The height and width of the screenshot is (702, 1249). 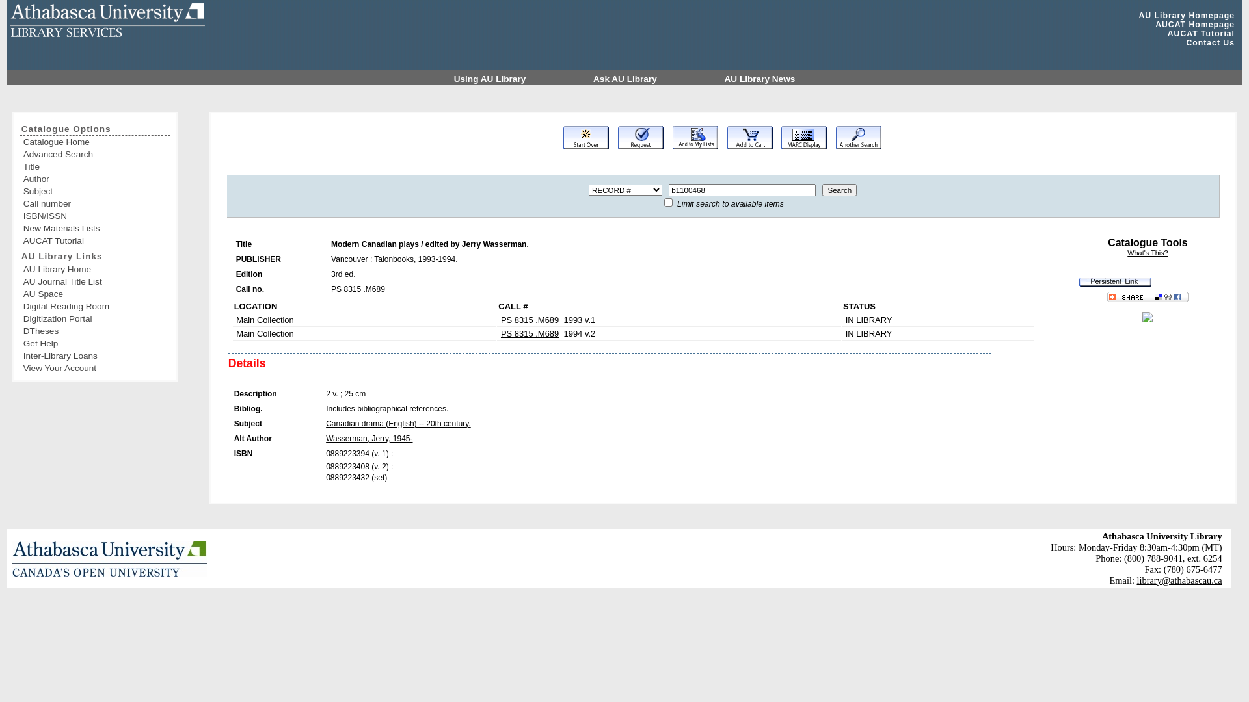 What do you see at coordinates (760, 79) in the screenshot?
I see `'AU Library News'` at bounding box center [760, 79].